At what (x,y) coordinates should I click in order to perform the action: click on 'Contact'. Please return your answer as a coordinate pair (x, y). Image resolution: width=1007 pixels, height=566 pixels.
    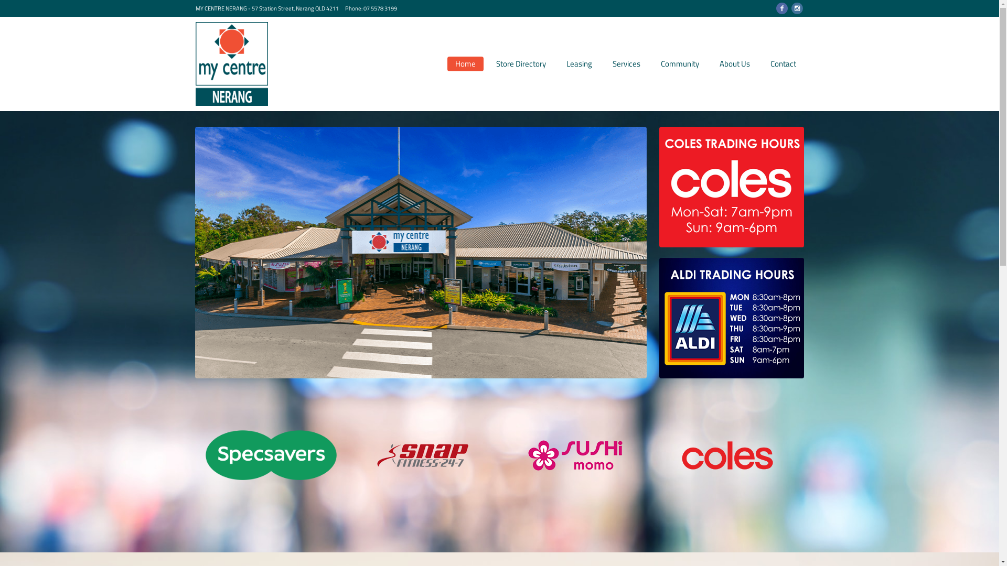
    Looking at the image, I should click on (783, 64).